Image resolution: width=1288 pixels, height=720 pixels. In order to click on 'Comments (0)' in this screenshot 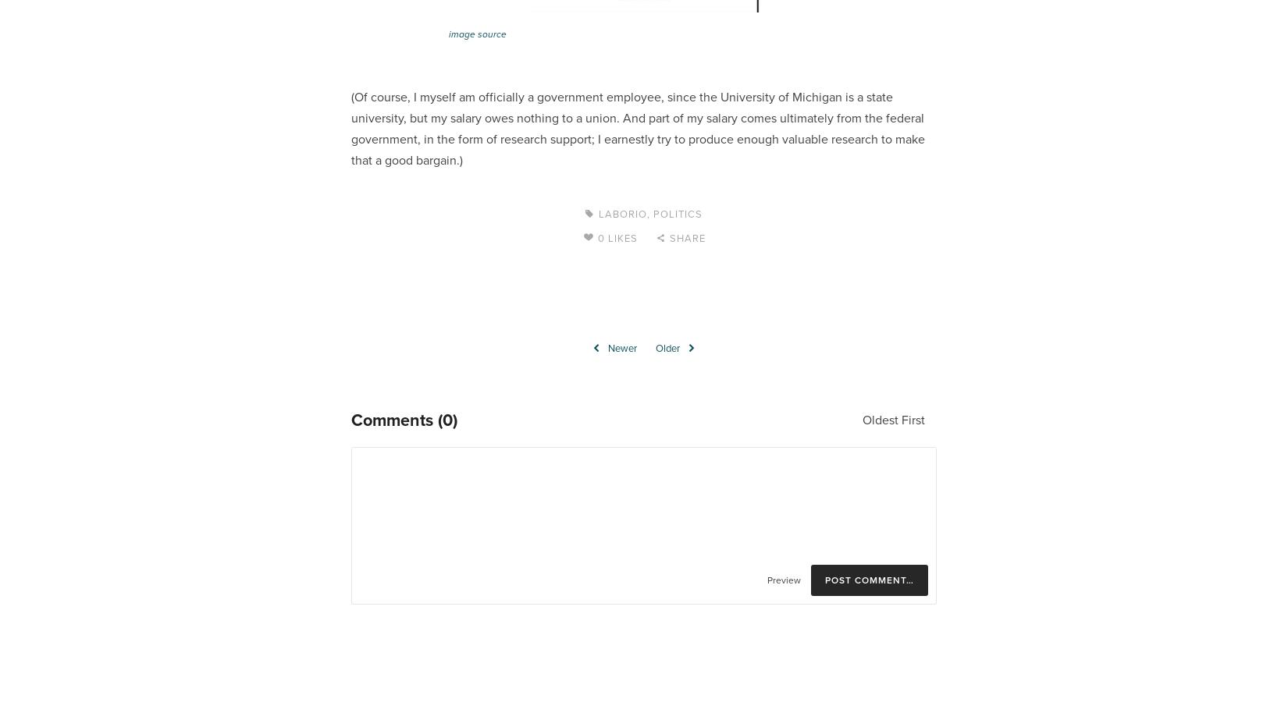, I will do `click(403, 419)`.